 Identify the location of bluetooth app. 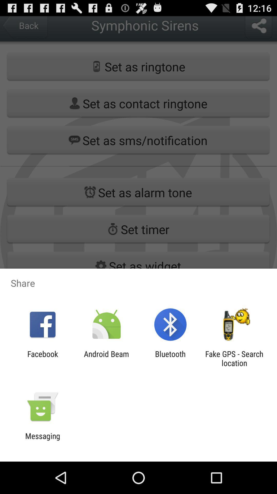
(170, 358).